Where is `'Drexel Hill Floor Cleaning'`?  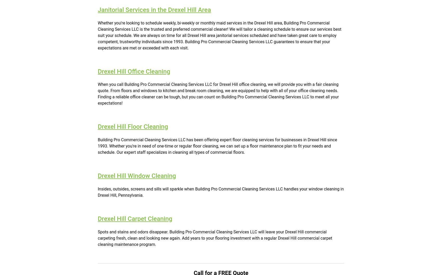
'Drexel Hill Floor Cleaning' is located at coordinates (133, 126).